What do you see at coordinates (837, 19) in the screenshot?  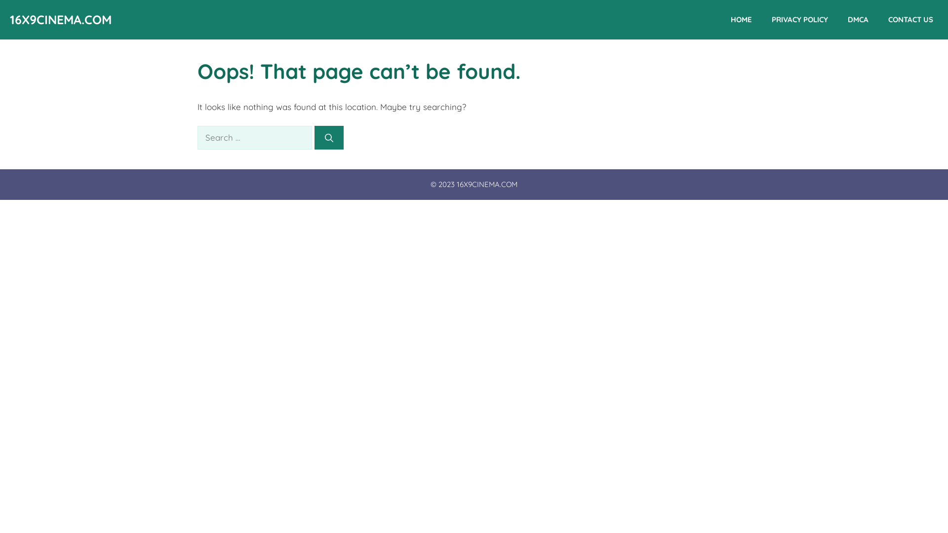 I see `'DMCA'` at bounding box center [837, 19].